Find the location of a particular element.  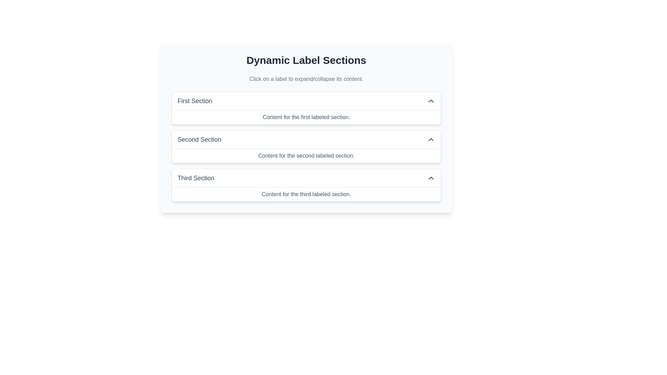

the toggle button for the third collapsible section, located below 'Second Section', to change its background color is located at coordinates (306, 178).